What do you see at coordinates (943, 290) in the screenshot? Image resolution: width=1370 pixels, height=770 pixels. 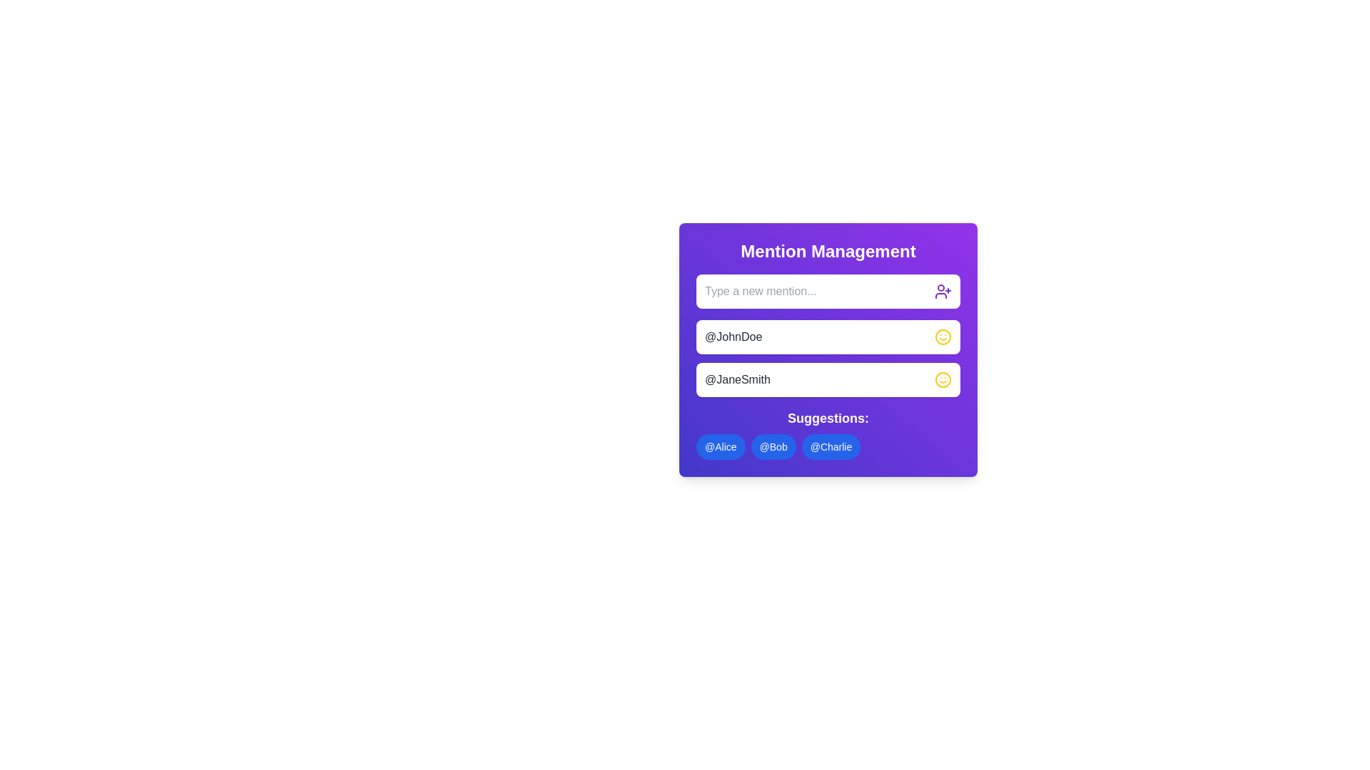 I see `the user addition icon located at the top-right corner of the 'Type a new mention...' input field` at bounding box center [943, 290].